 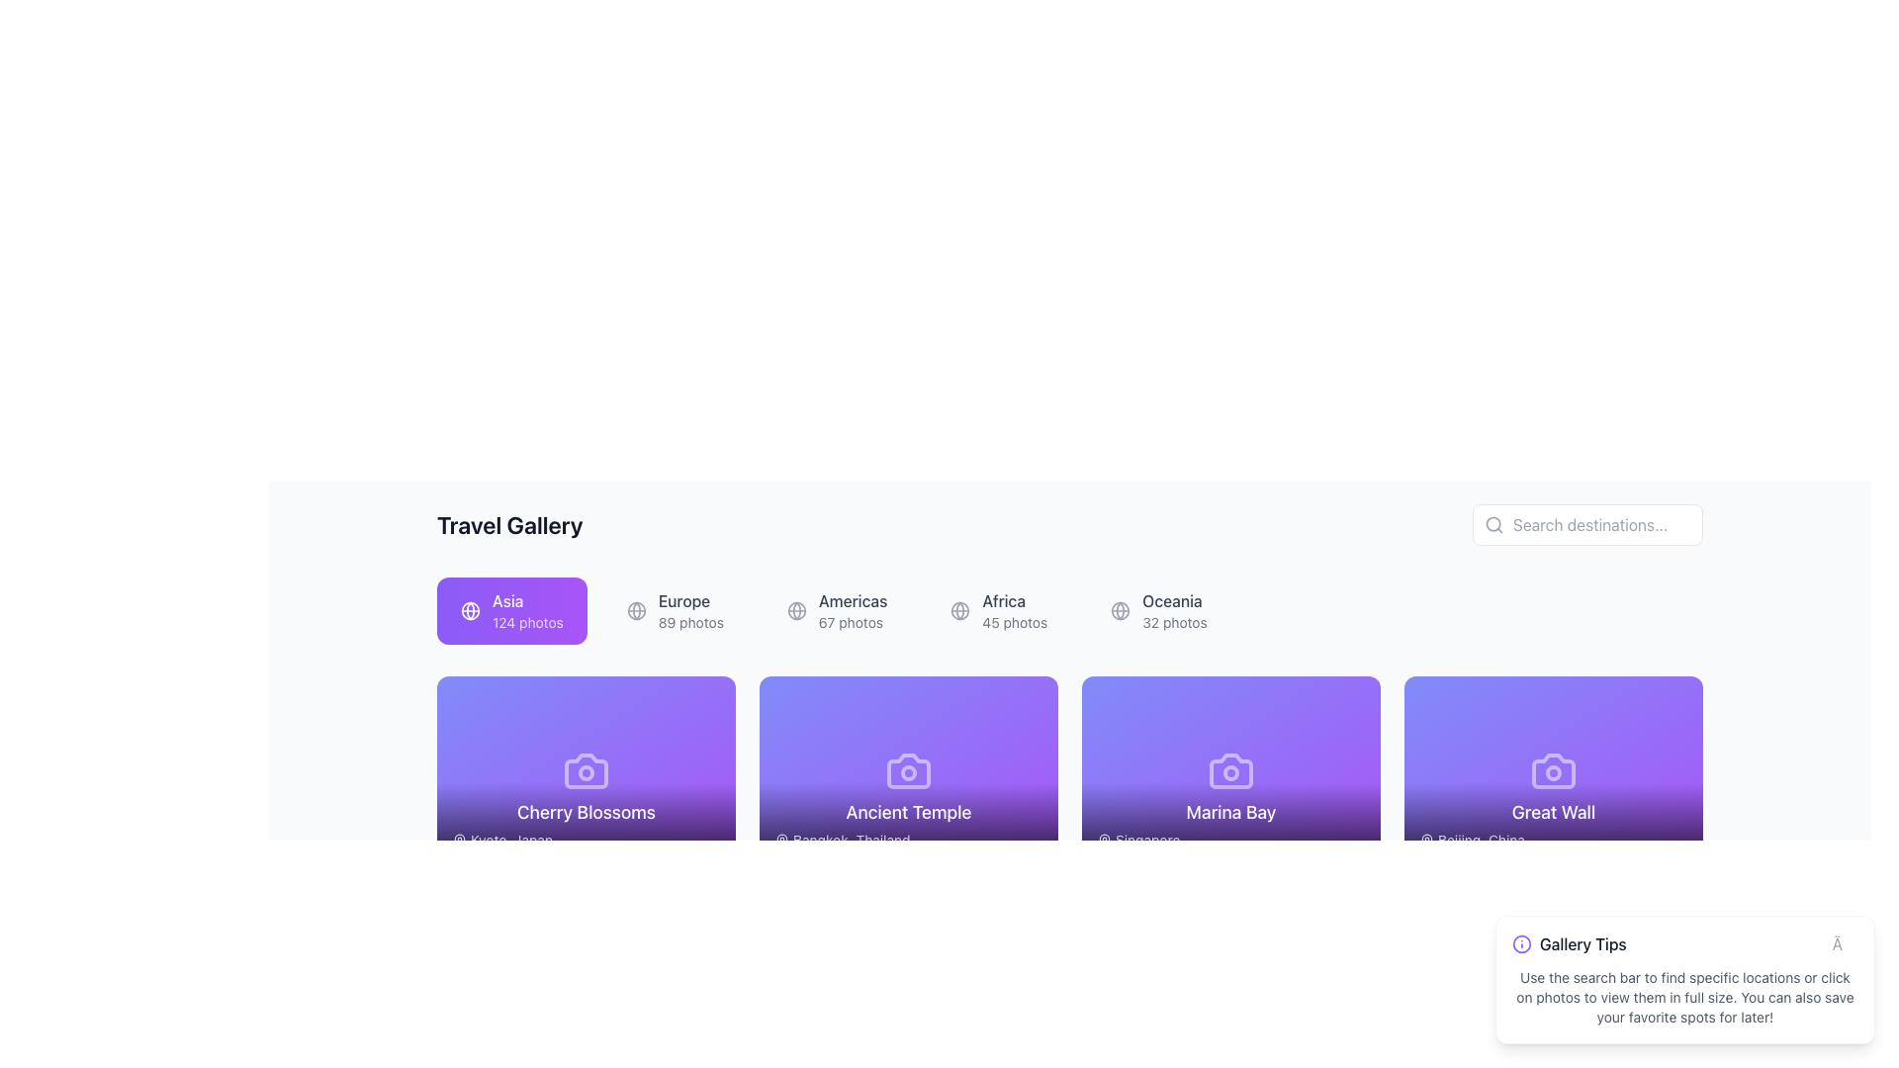 What do you see at coordinates (1521, 943) in the screenshot?
I see `the small violet circle located inside the SVG element of the 'Gallery Tips' notification box at the bottom-right corner of the interface` at bounding box center [1521, 943].